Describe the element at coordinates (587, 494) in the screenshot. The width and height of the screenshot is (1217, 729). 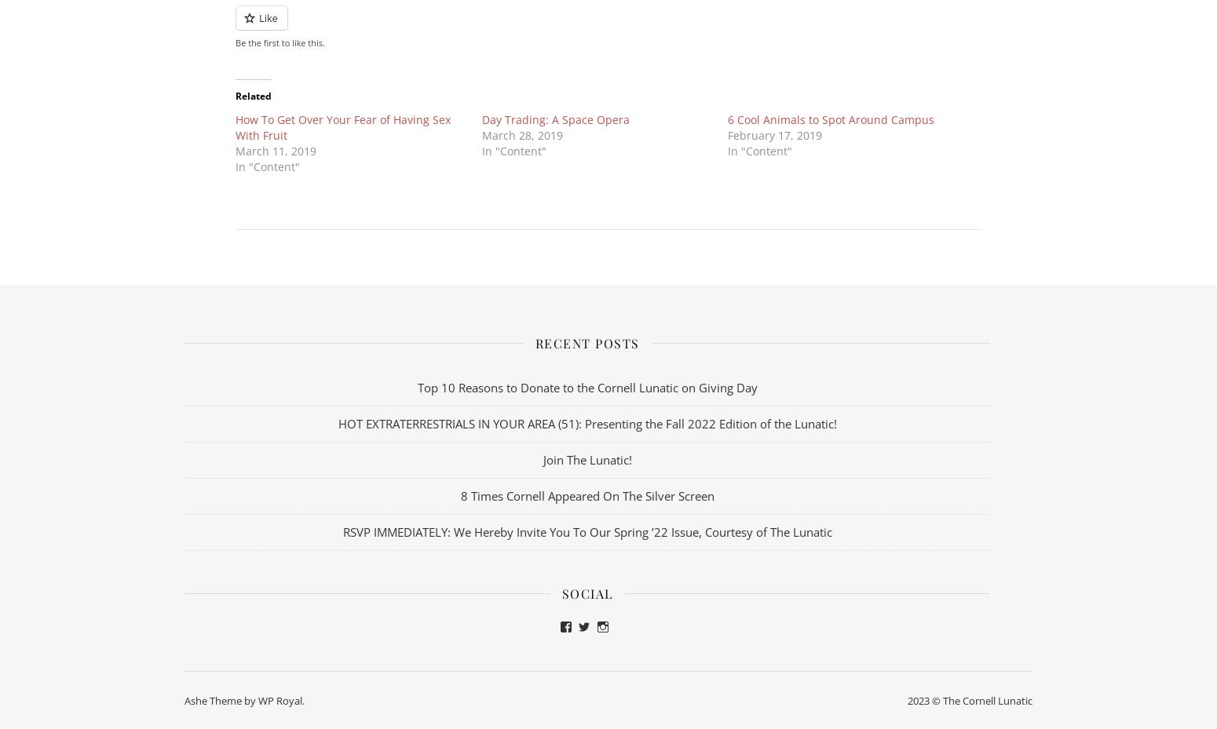
I see `'8 Times Cornell Appeared On The Silver Screen'` at that location.